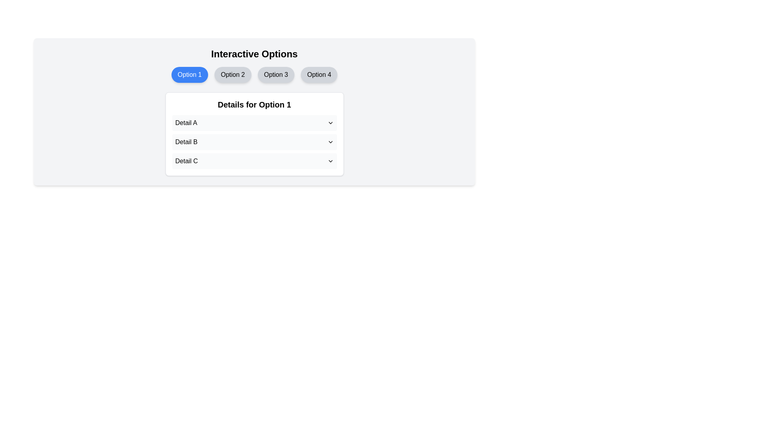 The image size is (764, 430). What do you see at coordinates (186, 142) in the screenshot?
I see `the text label 'Detail B' located in the second row of a vertical list` at bounding box center [186, 142].